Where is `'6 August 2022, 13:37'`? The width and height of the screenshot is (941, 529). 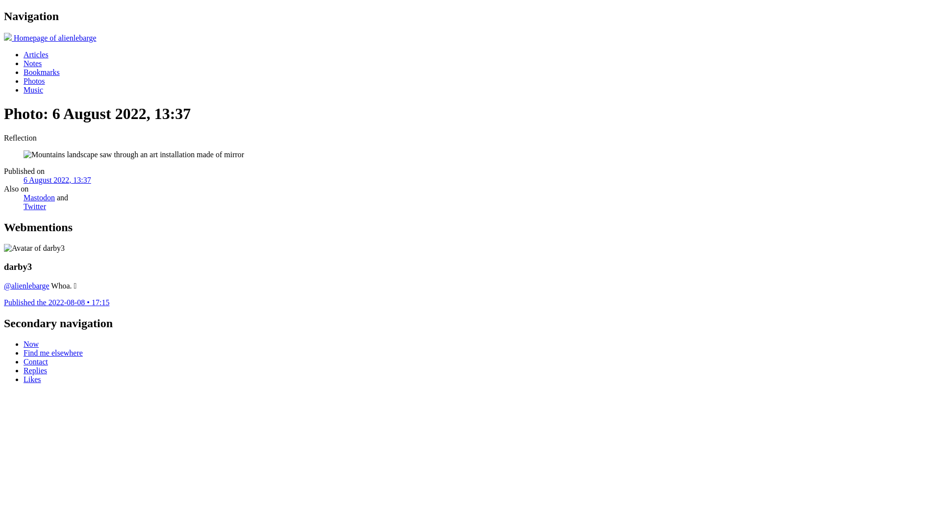 '6 August 2022, 13:37' is located at coordinates (56, 180).